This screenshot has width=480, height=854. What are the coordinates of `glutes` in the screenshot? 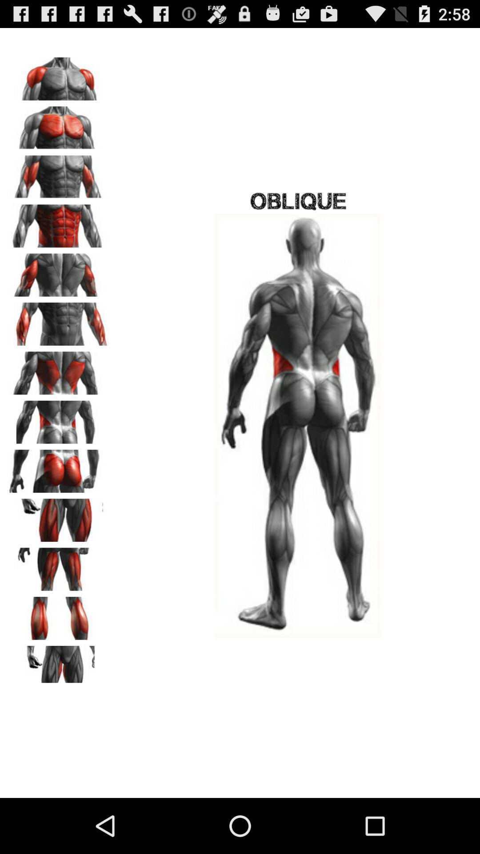 It's located at (58, 467).